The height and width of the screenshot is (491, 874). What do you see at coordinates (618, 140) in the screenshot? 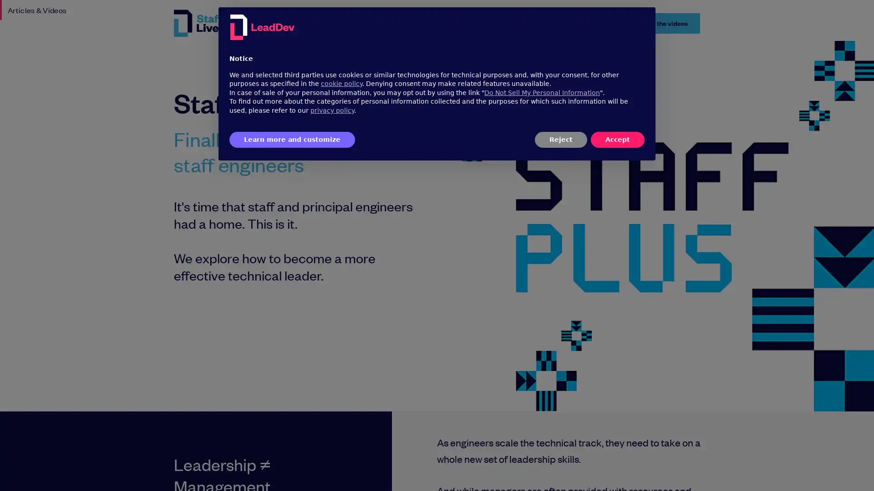
I see `Accept` at bounding box center [618, 140].